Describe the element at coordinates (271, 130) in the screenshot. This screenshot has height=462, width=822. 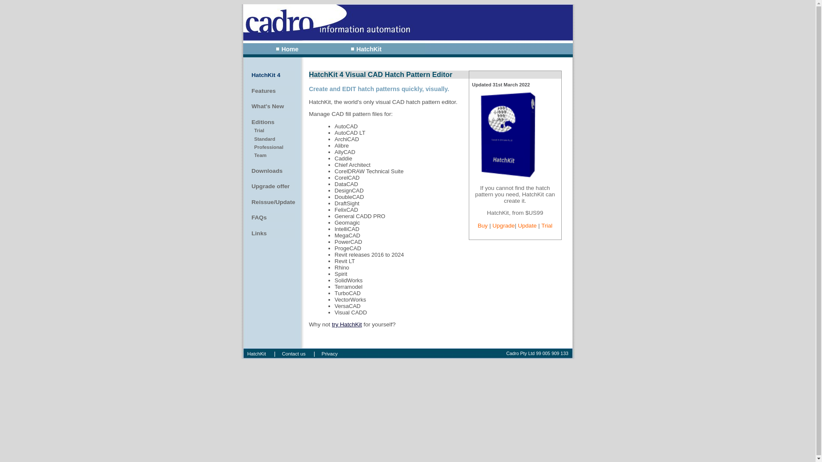
I see `'  Trial'` at that location.